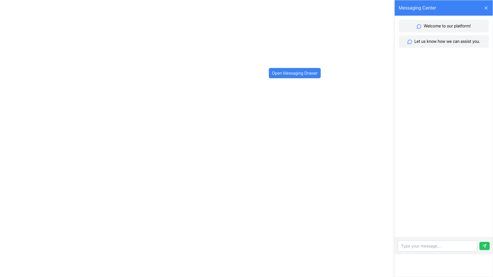 The width and height of the screenshot is (493, 277). What do you see at coordinates (409, 41) in the screenshot?
I see `the communication icon located to the left of the text 'Let us know how we can assist you.' in the 'Messaging Center' panel` at bounding box center [409, 41].